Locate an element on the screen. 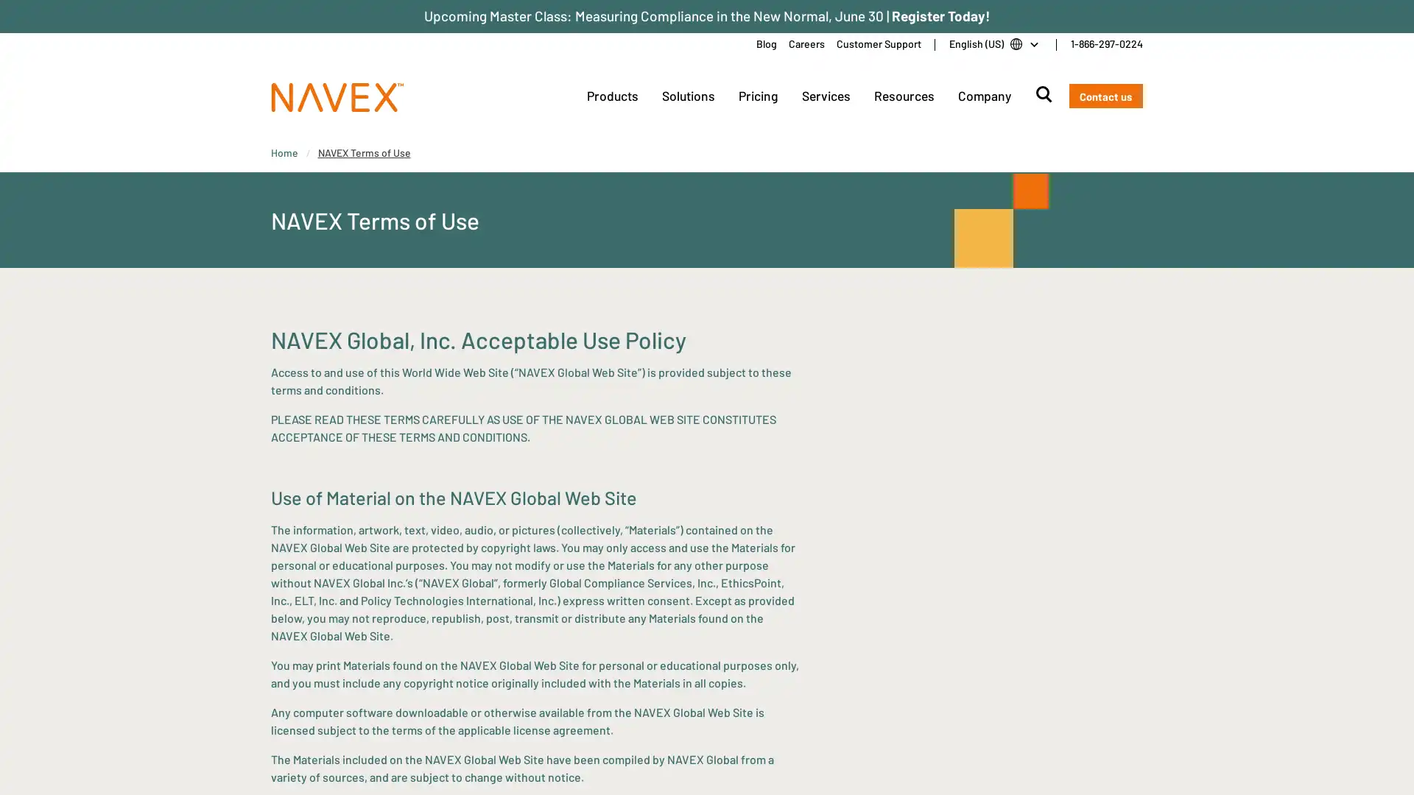 This screenshot has height=795, width=1414. Solutions is located at coordinates (687, 96).